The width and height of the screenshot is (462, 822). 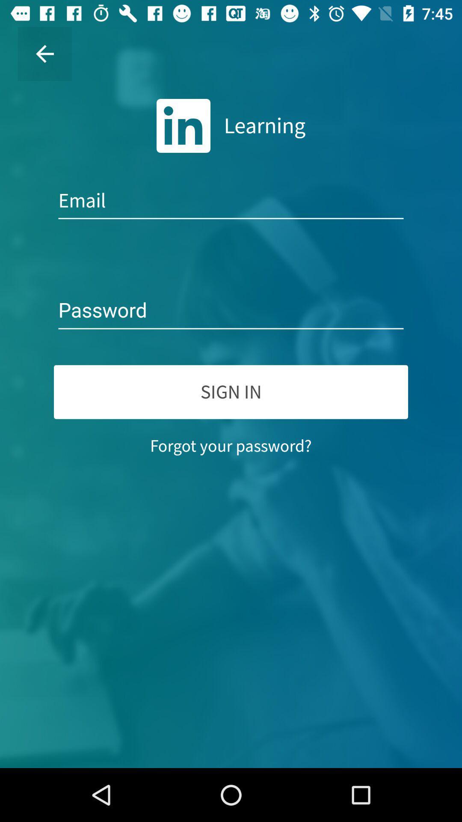 I want to click on the item at the top left corner, so click(x=44, y=53).